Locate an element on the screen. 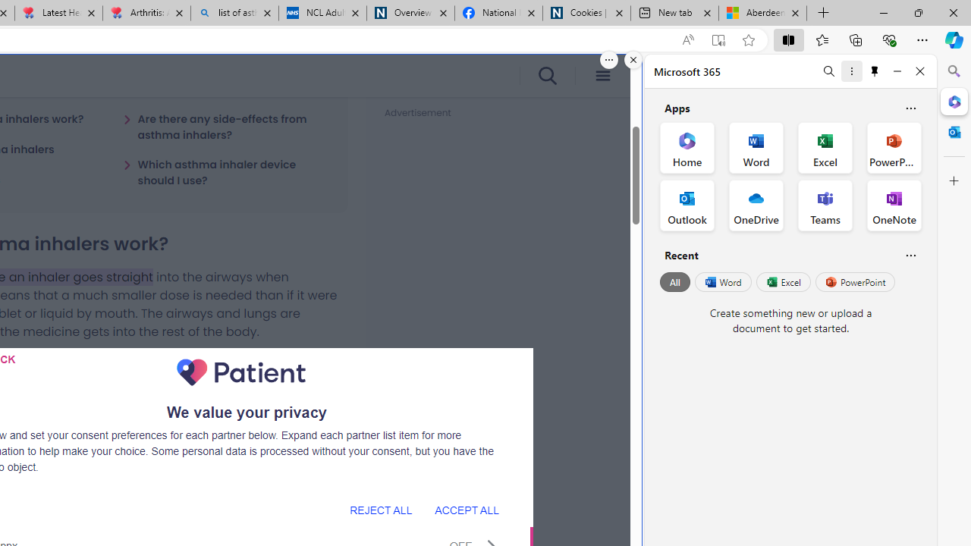 Image resolution: width=971 pixels, height=546 pixels. 'OneNote Office App' is located at coordinates (894, 206).